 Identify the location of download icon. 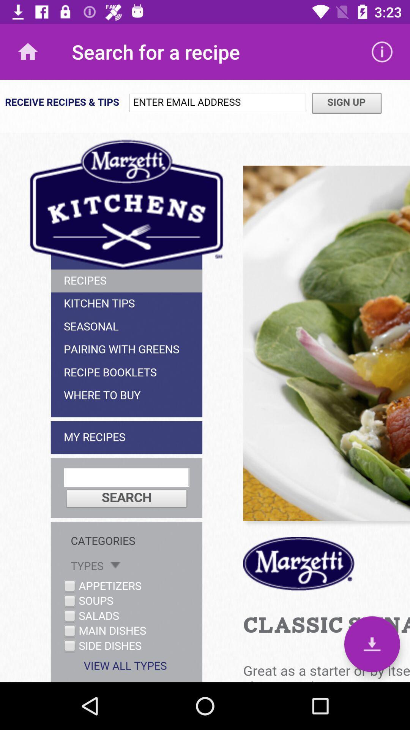
(372, 644).